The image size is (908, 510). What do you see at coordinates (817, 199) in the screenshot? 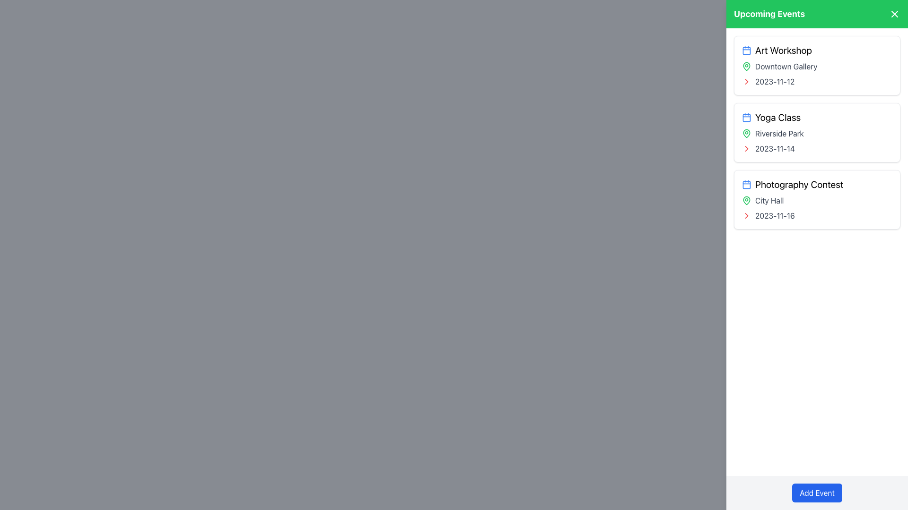
I see `the button for the 'Photography Contest' event summary located in the 'Upcoming Events' section, which is the third item in a vertical list` at bounding box center [817, 199].